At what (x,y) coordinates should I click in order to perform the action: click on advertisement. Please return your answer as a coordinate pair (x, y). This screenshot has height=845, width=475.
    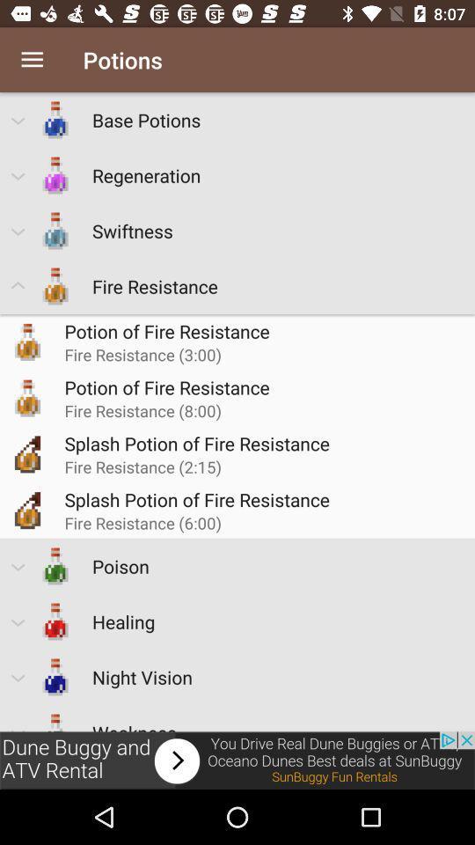
    Looking at the image, I should click on (237, 760).